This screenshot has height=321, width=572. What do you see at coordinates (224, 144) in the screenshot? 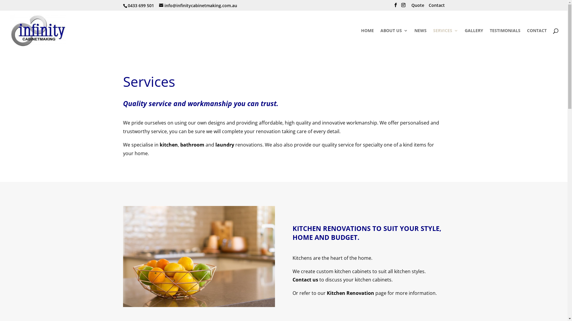
I see `'laundry'` at bounding box center [224, 144].